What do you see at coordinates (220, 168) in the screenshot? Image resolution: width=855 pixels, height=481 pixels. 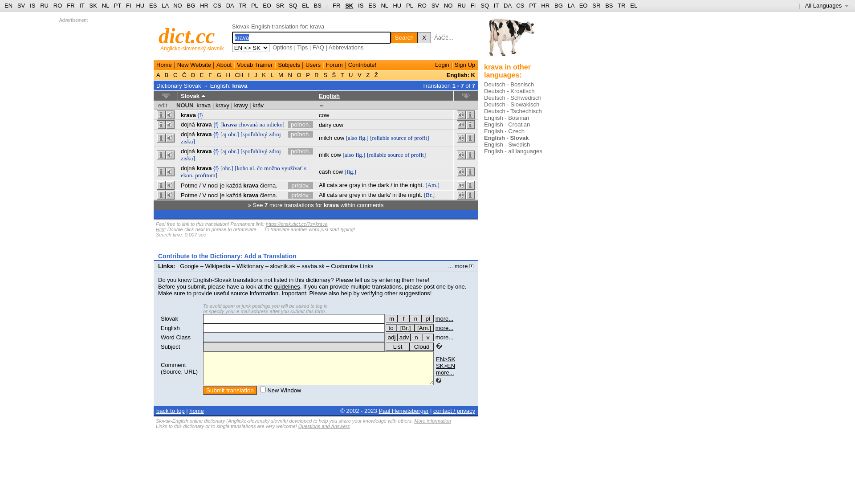 I see `'[obr.]'` at bounding box center [220, 168].